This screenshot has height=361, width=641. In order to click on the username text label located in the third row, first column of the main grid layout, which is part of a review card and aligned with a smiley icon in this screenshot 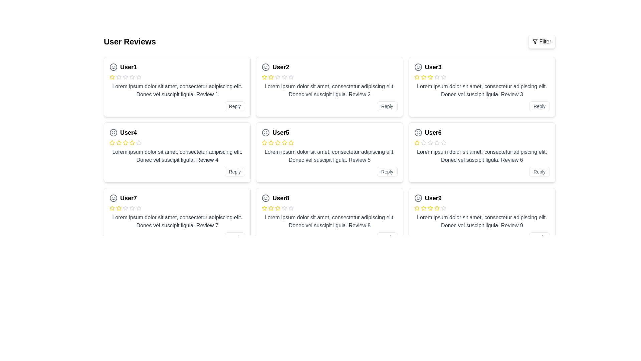, I will do `click(433, 133)`.